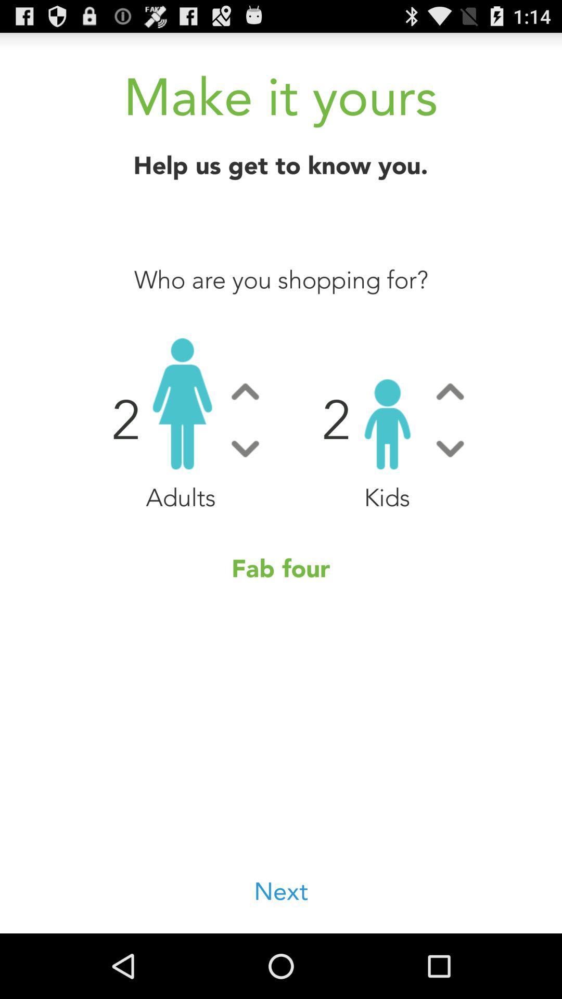 The height and width of the screenshot is (999, 562). What do you see at coordinates (245, 391) in the screenshot?
I see `switch autoplay option` at bounding box center [245, 391].